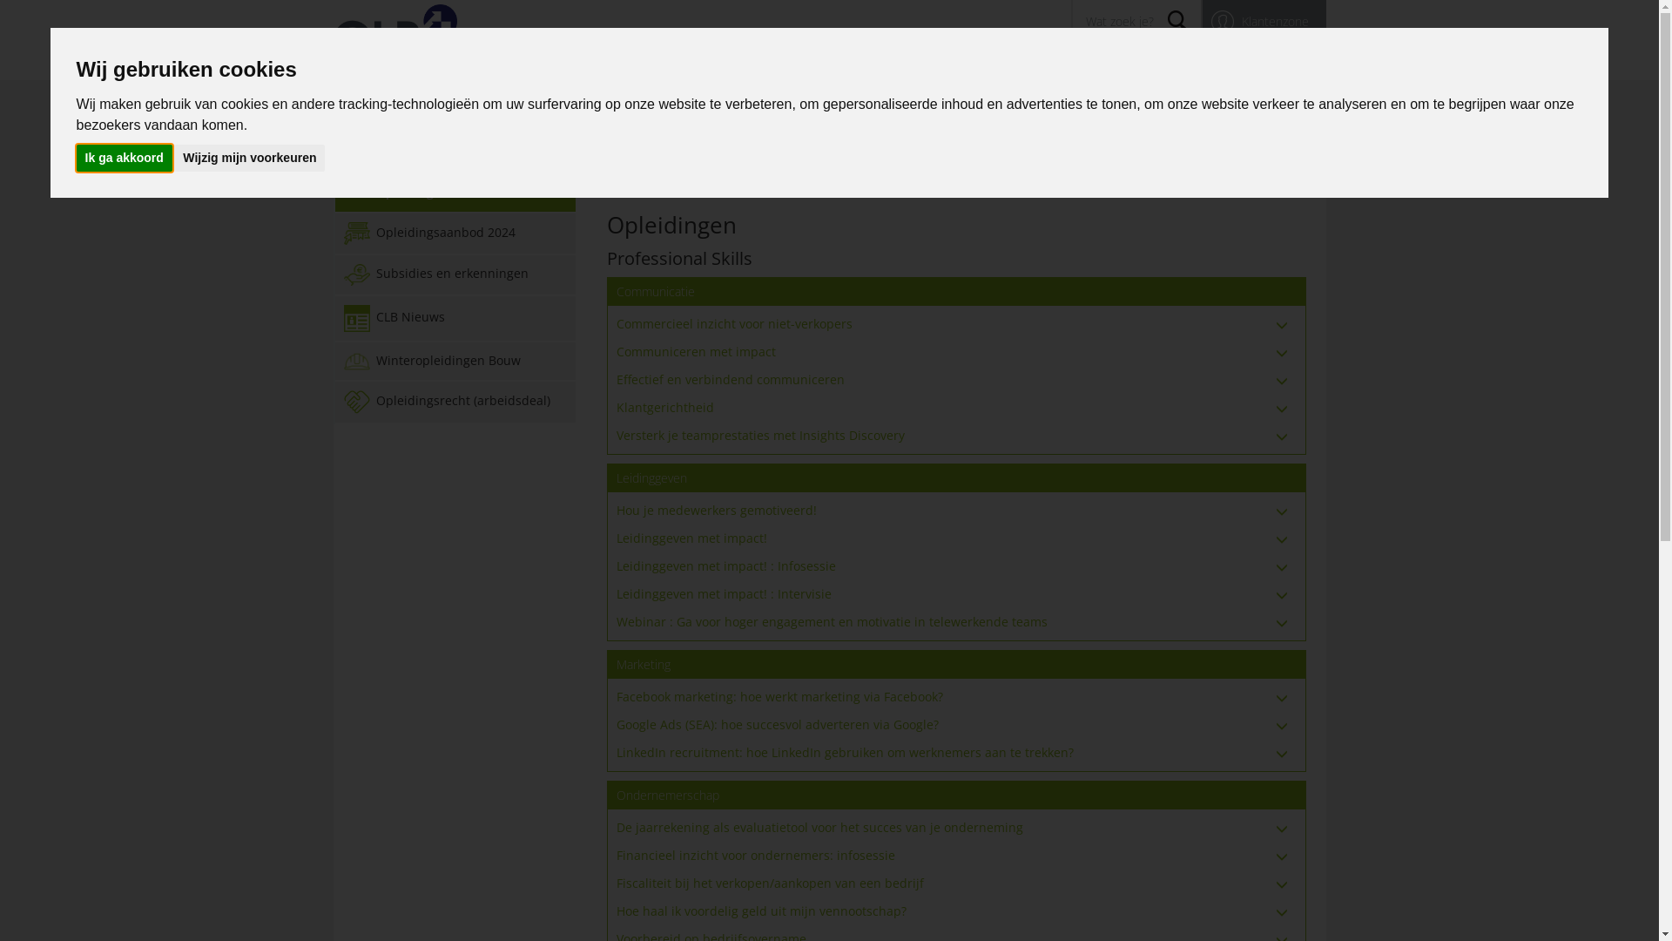  What do you see at coordinates (1263, 21) in the screenshot?
I see `'Klantenzone'` at bounding box center [1263, 21].